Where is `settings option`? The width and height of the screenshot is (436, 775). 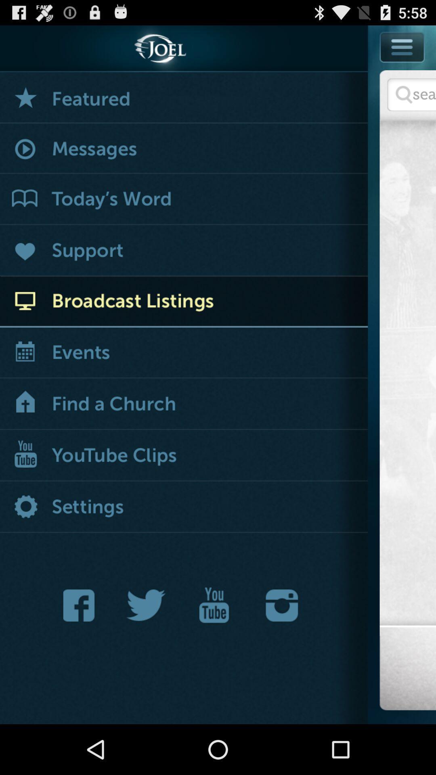 settings option is located at coordinates (184, 507).